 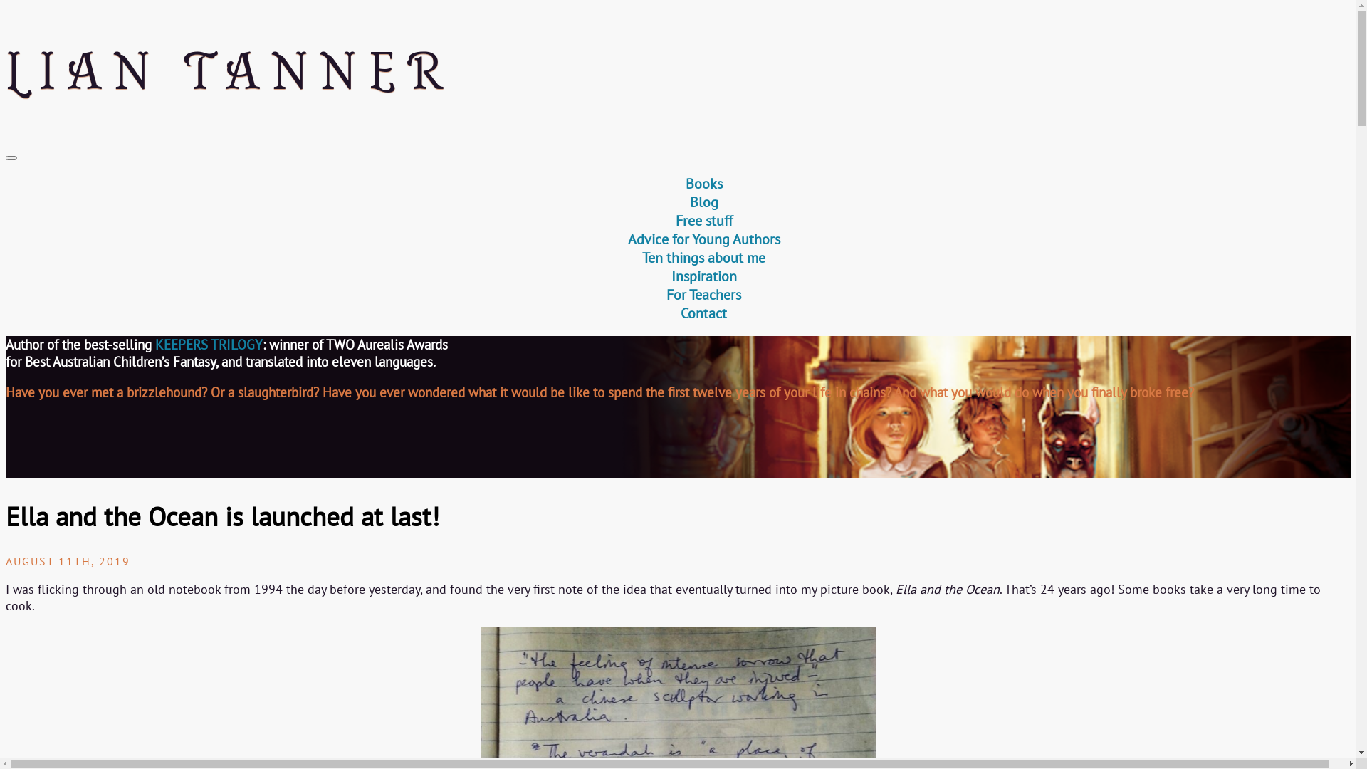 What do you see at coordinates (703, 238) in the screenshot?
I see `'Advice for Young Authors'` at bounding box center [703, 238].